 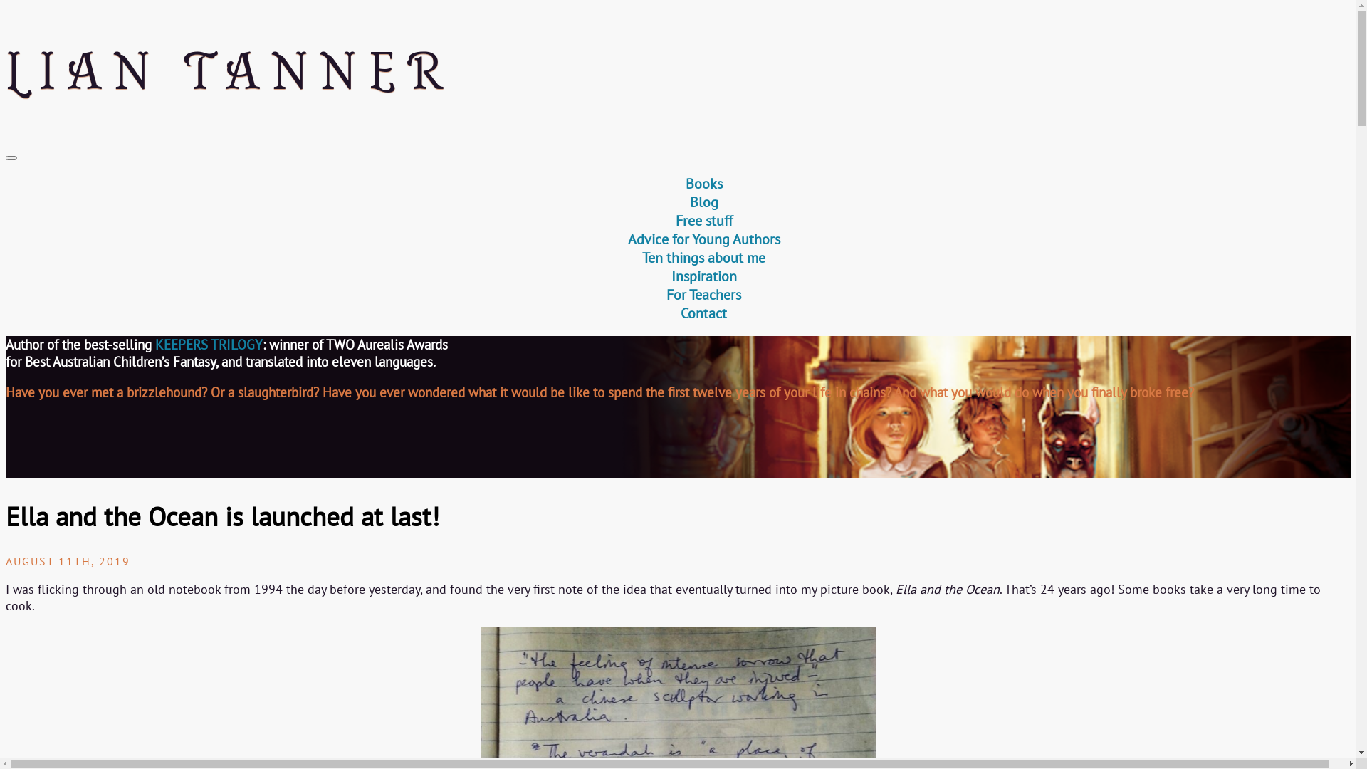 What do you see at coordinates (703, 238) in the screenshot?
I see `'Advice for Young Authors'` at bounding box center [703, 238].